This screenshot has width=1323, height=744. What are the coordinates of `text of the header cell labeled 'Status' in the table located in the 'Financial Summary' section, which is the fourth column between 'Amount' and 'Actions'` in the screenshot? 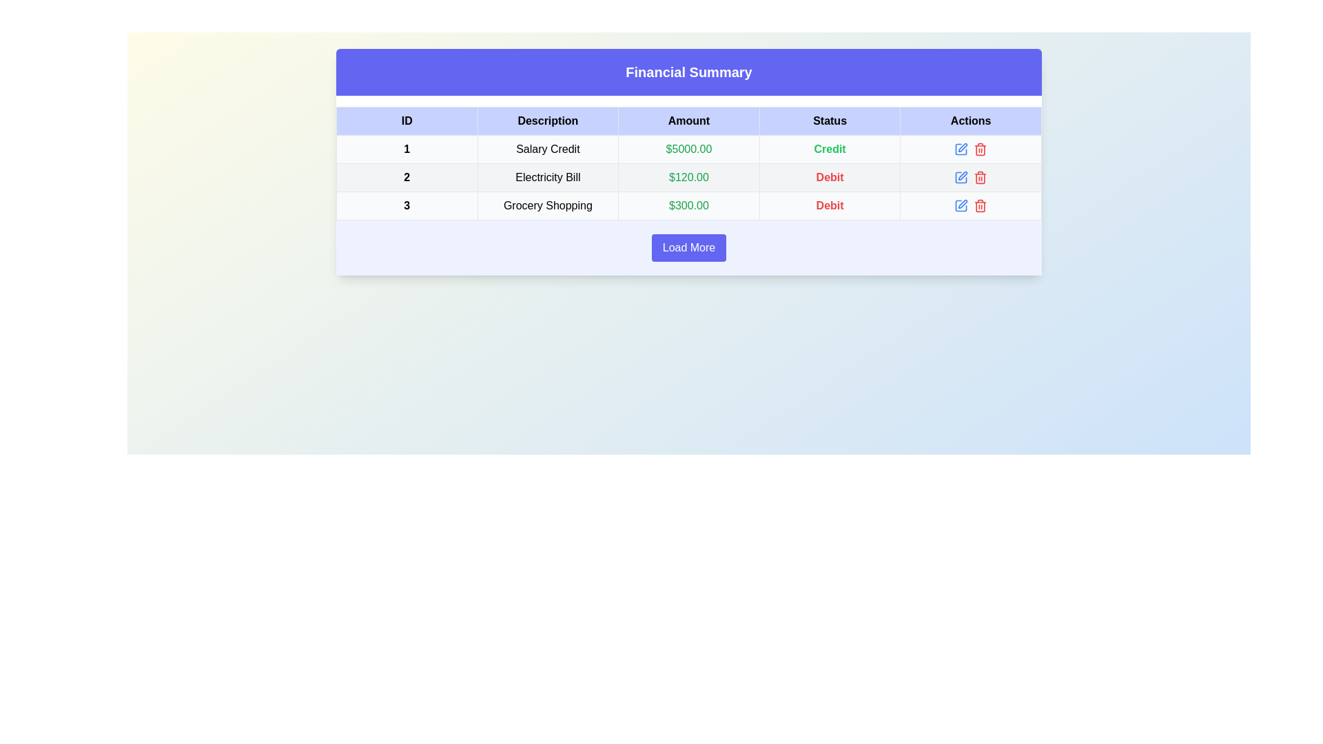 It's located at (829, 121).